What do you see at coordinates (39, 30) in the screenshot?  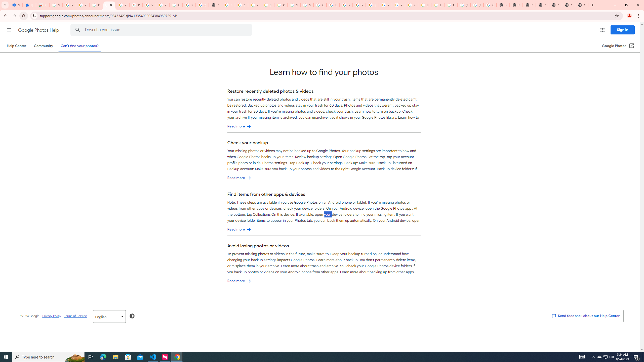 I see `'Google Photos Help'` at bounding box center [39, 30].